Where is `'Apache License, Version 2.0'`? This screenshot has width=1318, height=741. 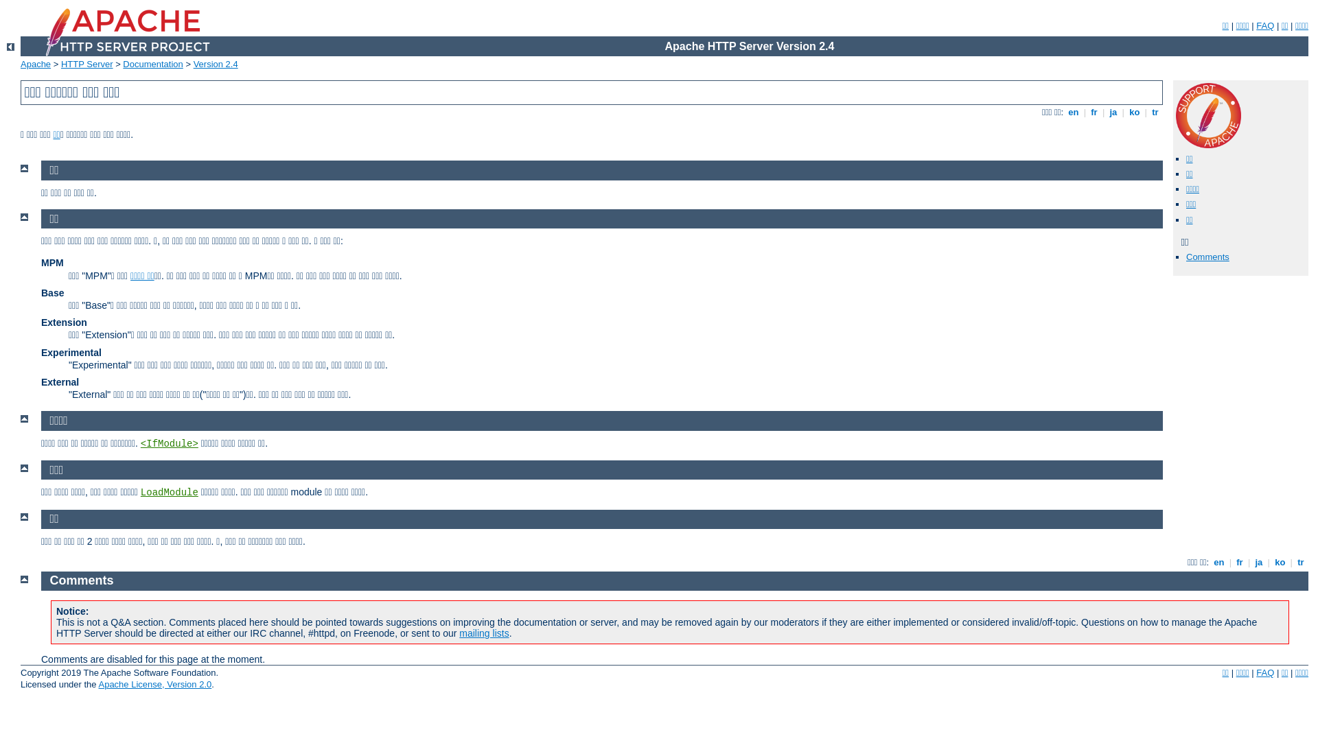 'Apache License, Version 2.0' is located at coordinates (97, 684).